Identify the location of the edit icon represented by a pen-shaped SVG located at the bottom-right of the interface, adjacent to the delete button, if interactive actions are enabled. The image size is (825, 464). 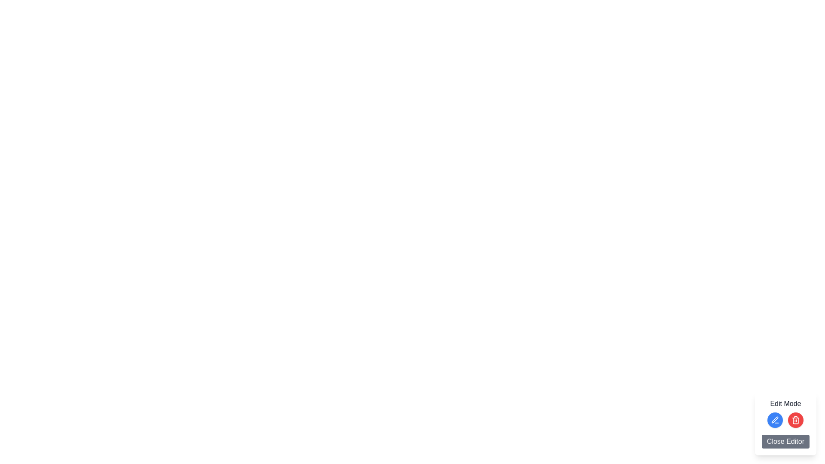
(775, 419).